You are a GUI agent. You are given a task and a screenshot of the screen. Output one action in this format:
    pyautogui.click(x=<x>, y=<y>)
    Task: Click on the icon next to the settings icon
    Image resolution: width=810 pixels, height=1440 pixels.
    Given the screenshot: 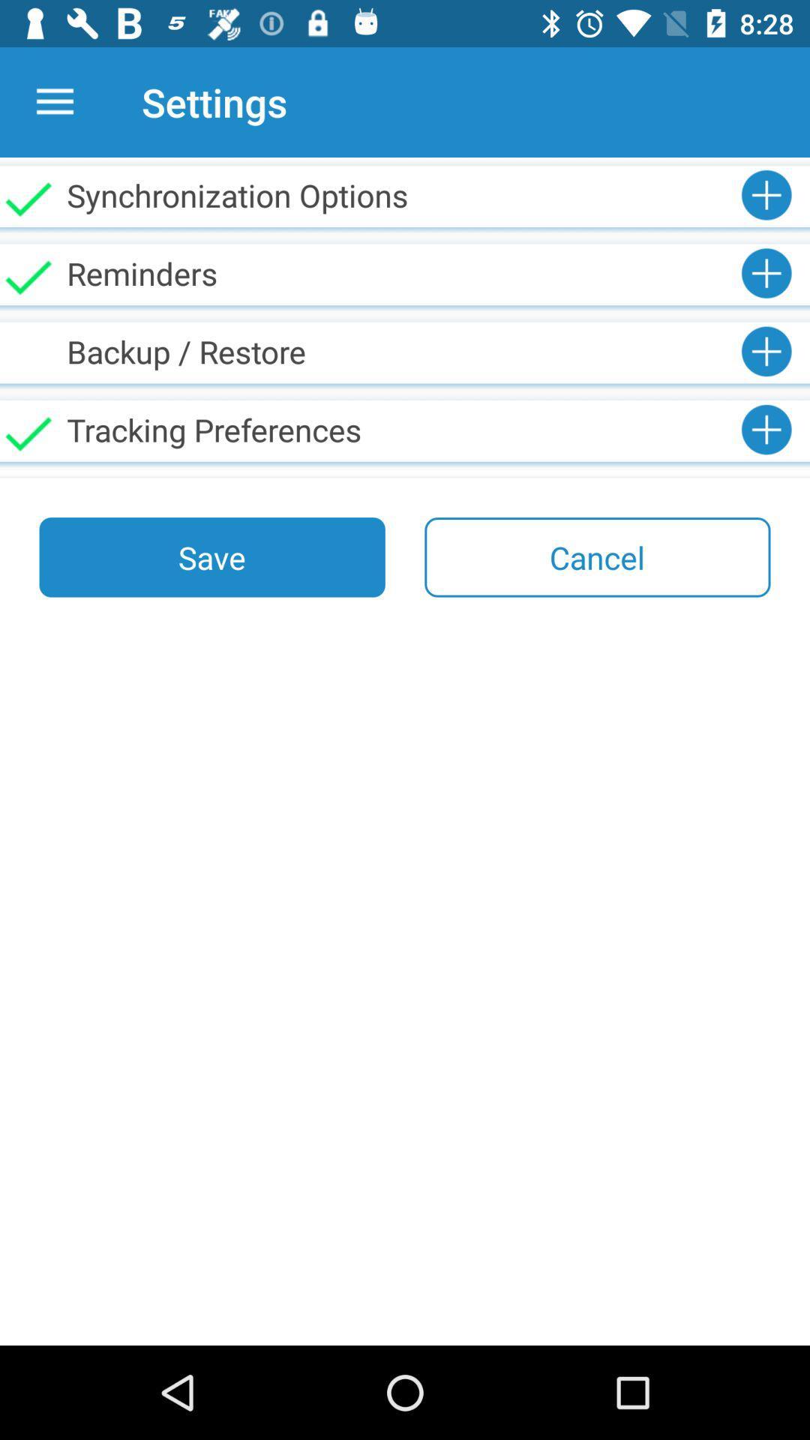 What is the action you would take?
    pyautogui.click(x=54, y=101)
    